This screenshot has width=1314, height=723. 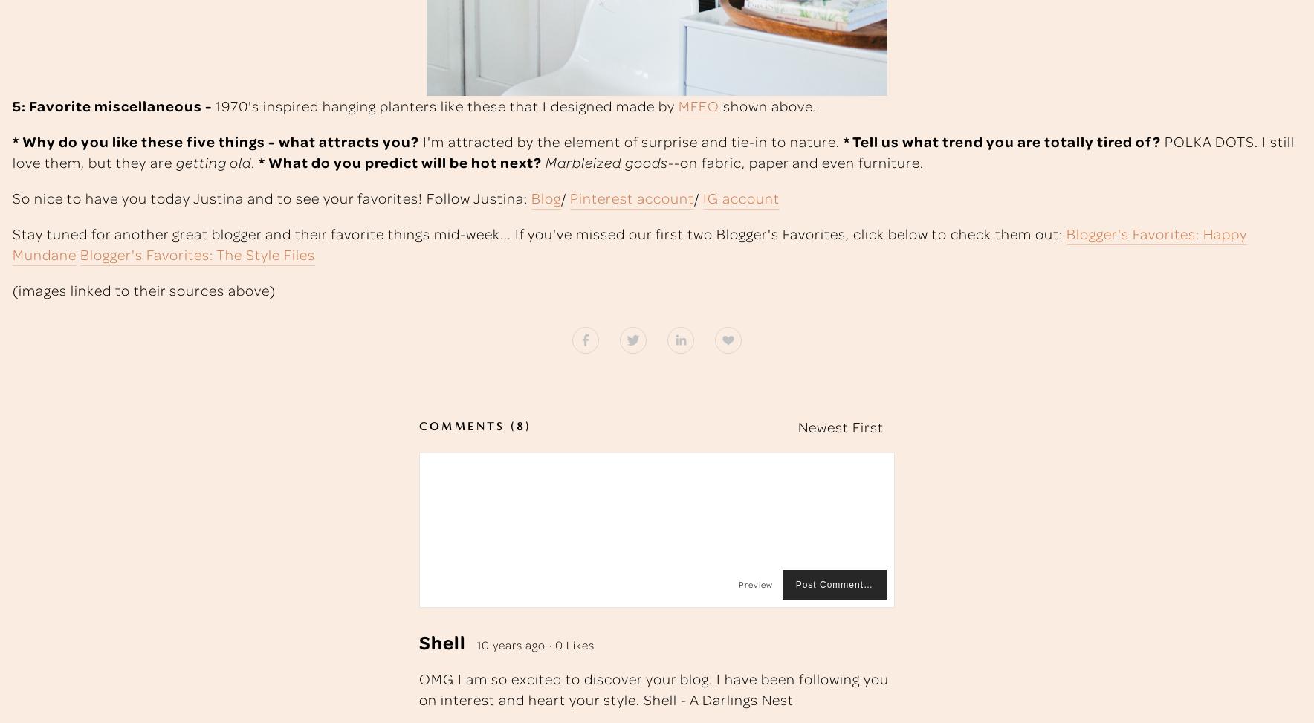 What do you see at coordinates (653, 687) in the screenshot?
I see `'OMG I am so excited to discover your blog.  I have been following you on interest and heart your style.  Shell - A Darlings Nest'` at bounding box center [653, 687].